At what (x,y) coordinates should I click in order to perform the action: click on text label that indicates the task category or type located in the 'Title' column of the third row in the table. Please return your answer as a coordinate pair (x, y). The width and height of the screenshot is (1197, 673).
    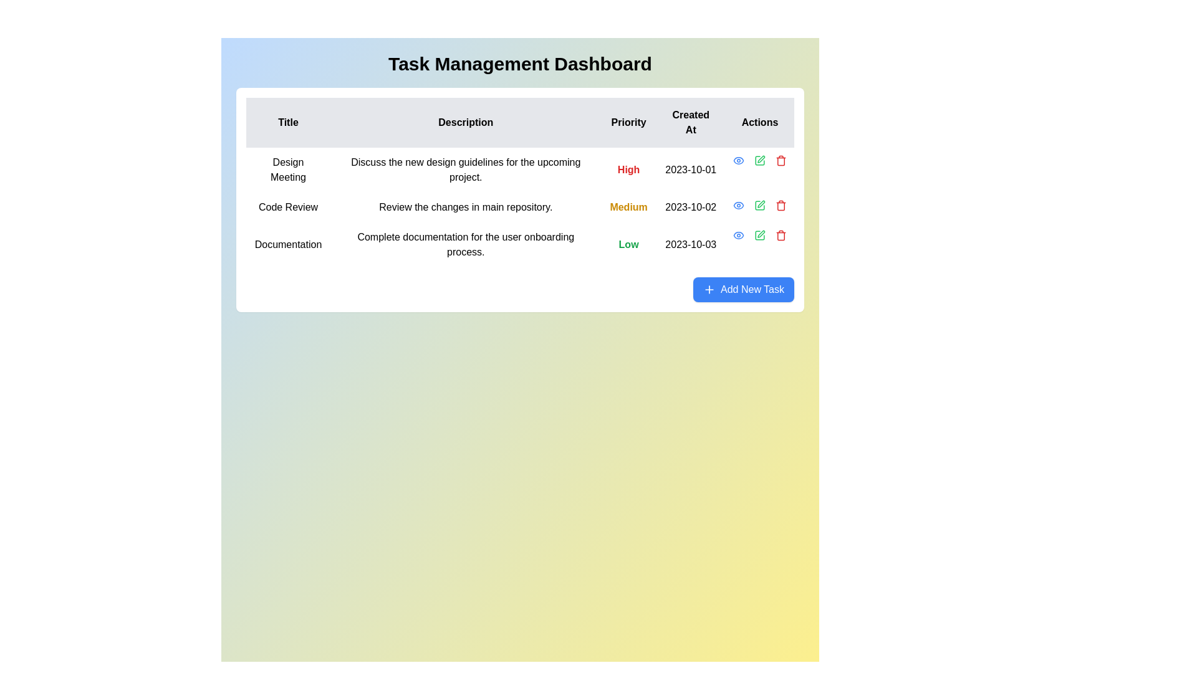
    Looking at the image, I should click on (287, 245).